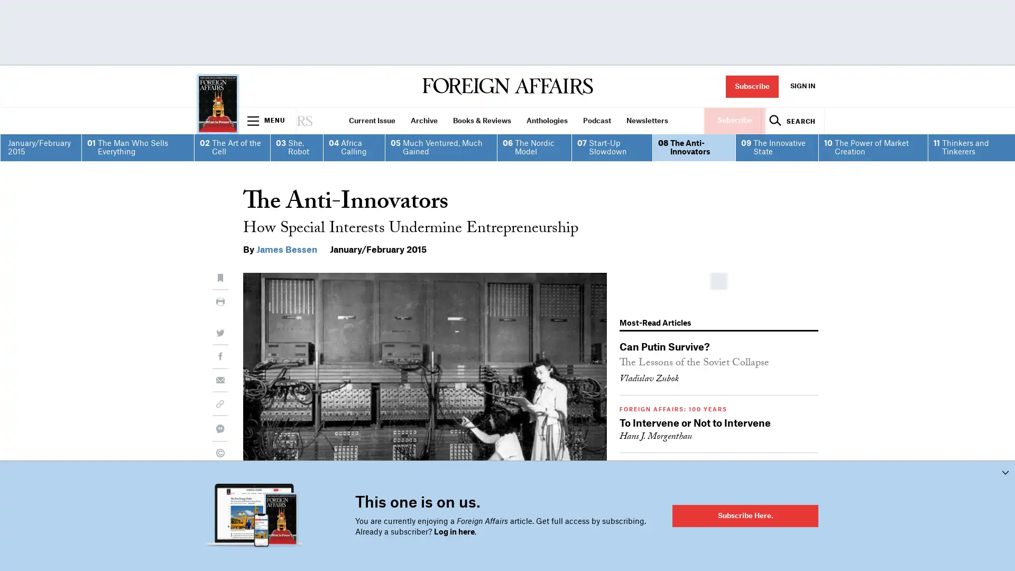 The image size is (1015, 571). Describe the element at coordinates (547, 120) in the screenshot. I see `Anthologies` at that location.